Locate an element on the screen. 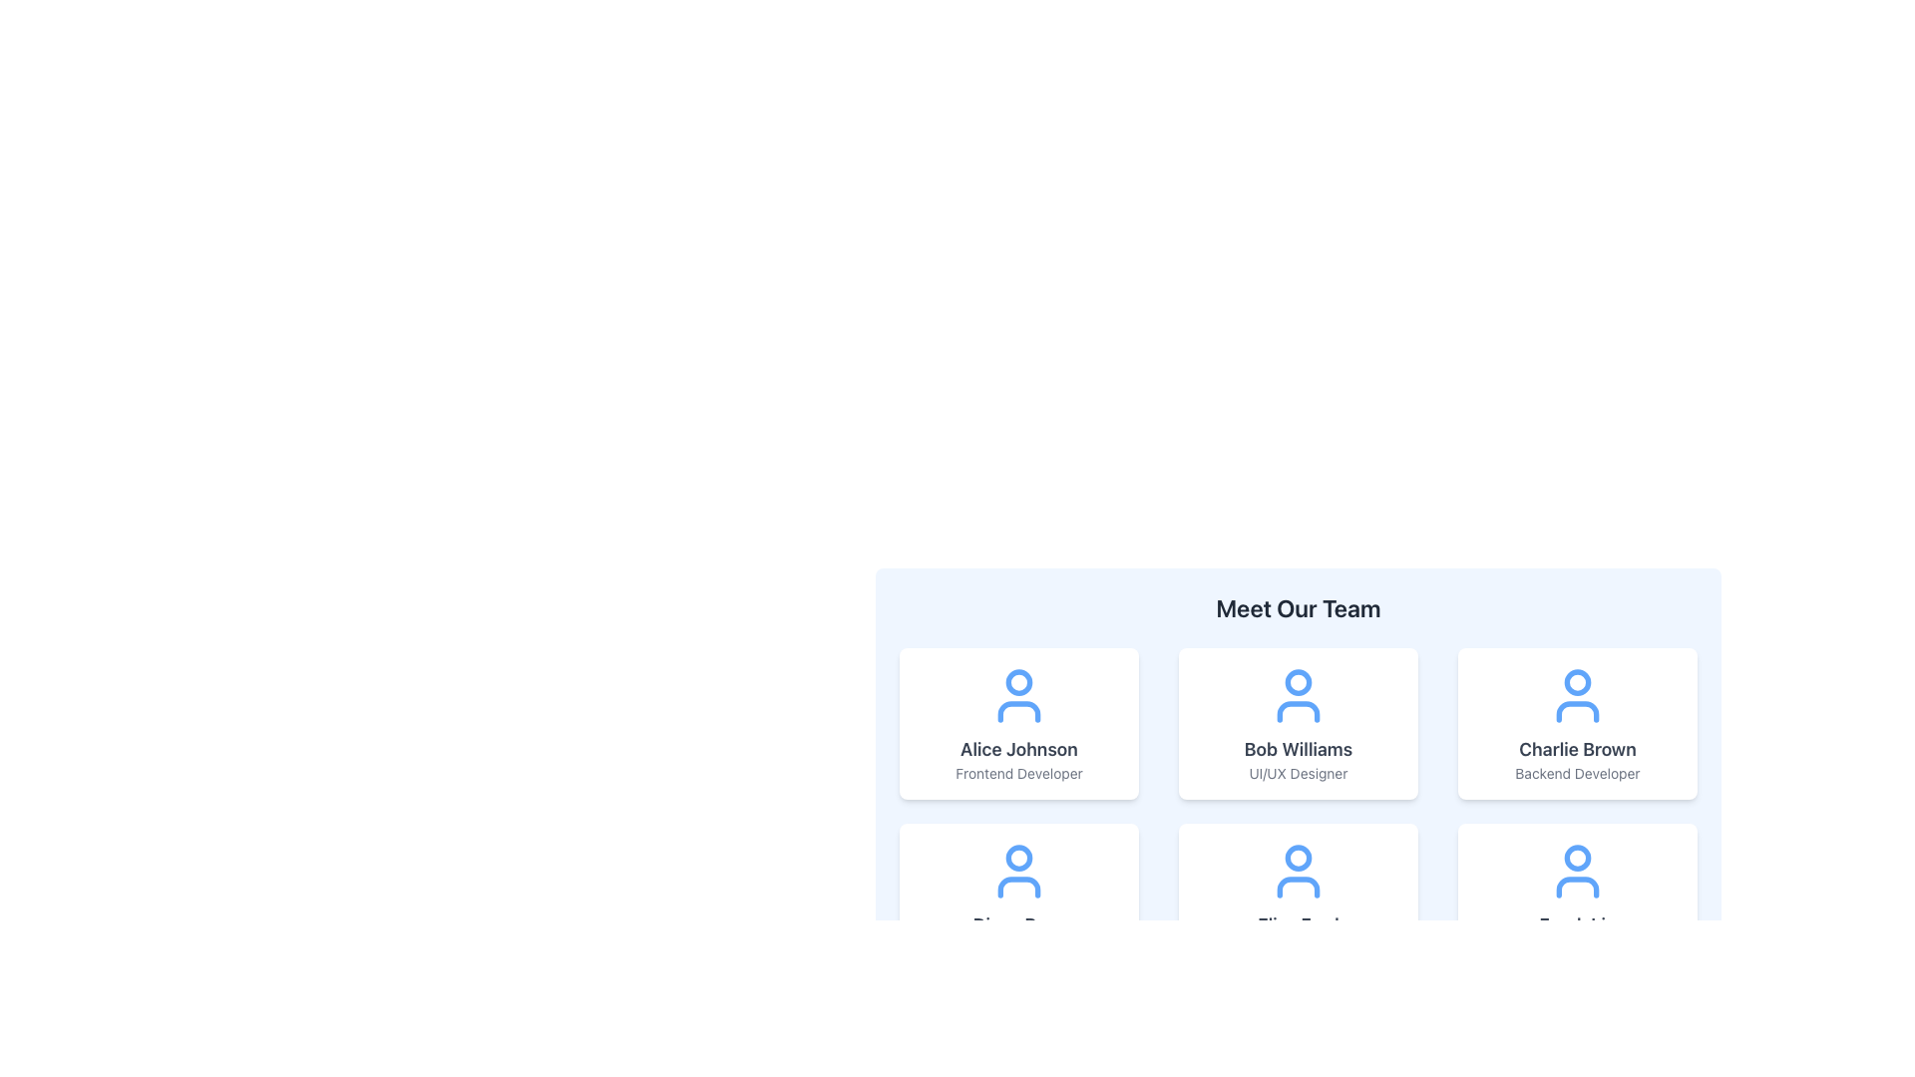 The width and height of the screenshot is (1915, 1077). the Text Label that provides the job title for 'Alice Johnson' located at the bottom of the profile card is located at coordinates (1019, 772).